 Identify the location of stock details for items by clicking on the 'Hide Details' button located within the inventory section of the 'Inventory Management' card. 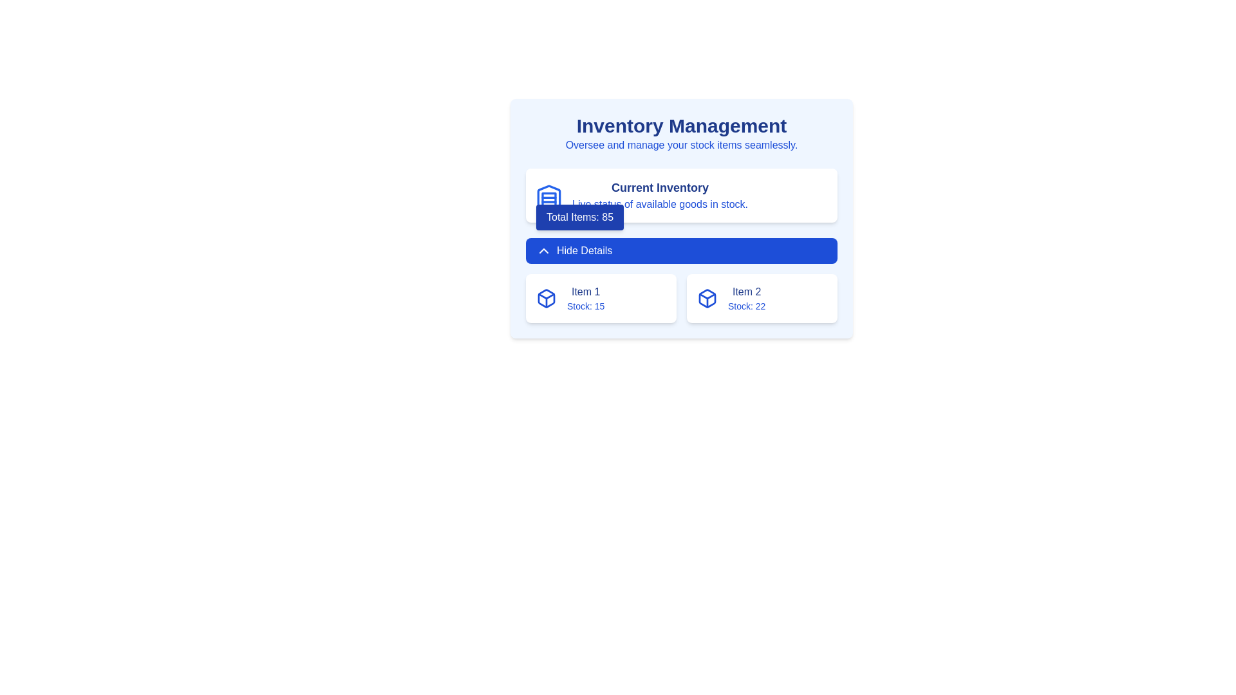
(681, 245).